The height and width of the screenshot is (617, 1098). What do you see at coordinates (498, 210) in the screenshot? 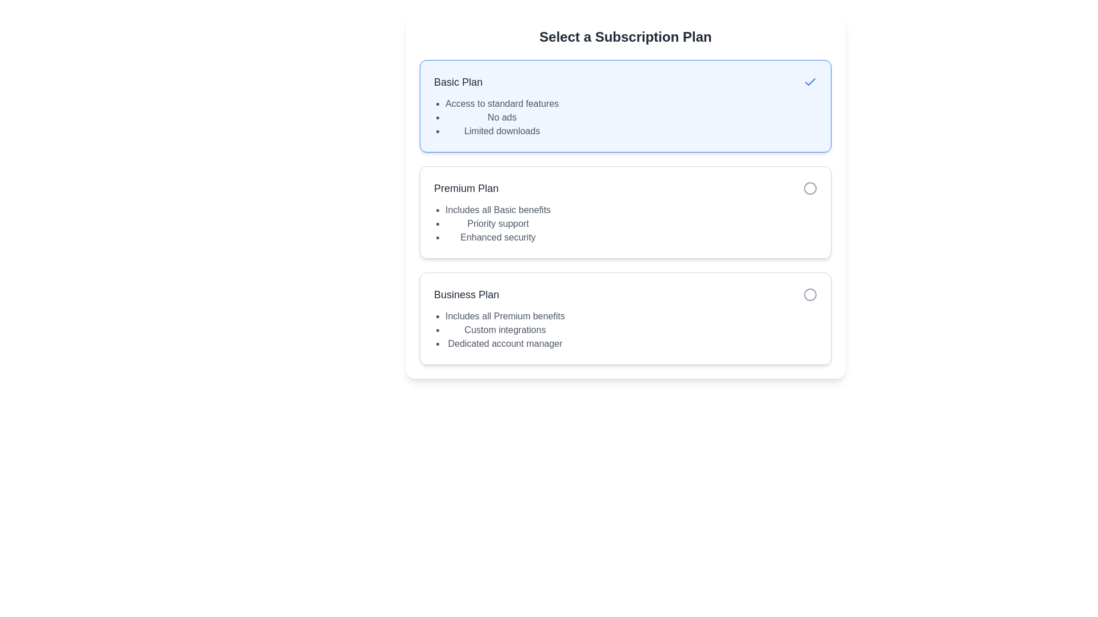
I see `the text line reading 'Includes all Basic benefits' located under the 'Premium Plan' section in the subscription plan selection interface` at bounding box center [498, 210].